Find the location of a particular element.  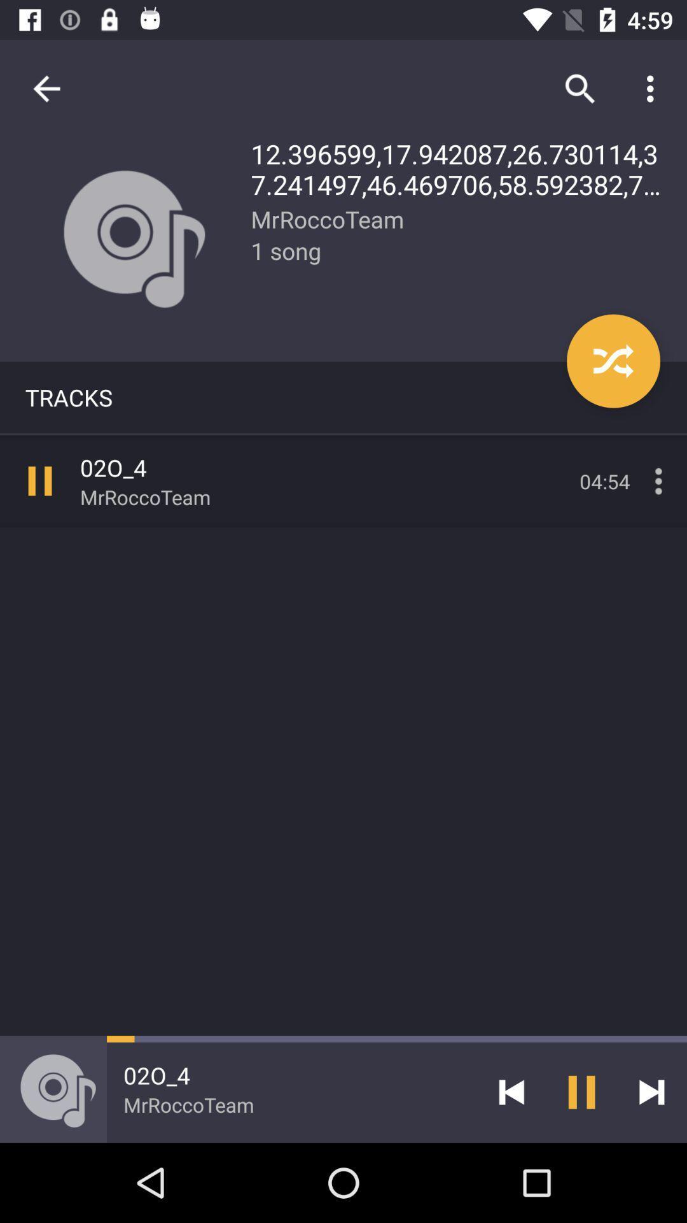

item above 12 396599 17 is located at coordinates (579, 88).